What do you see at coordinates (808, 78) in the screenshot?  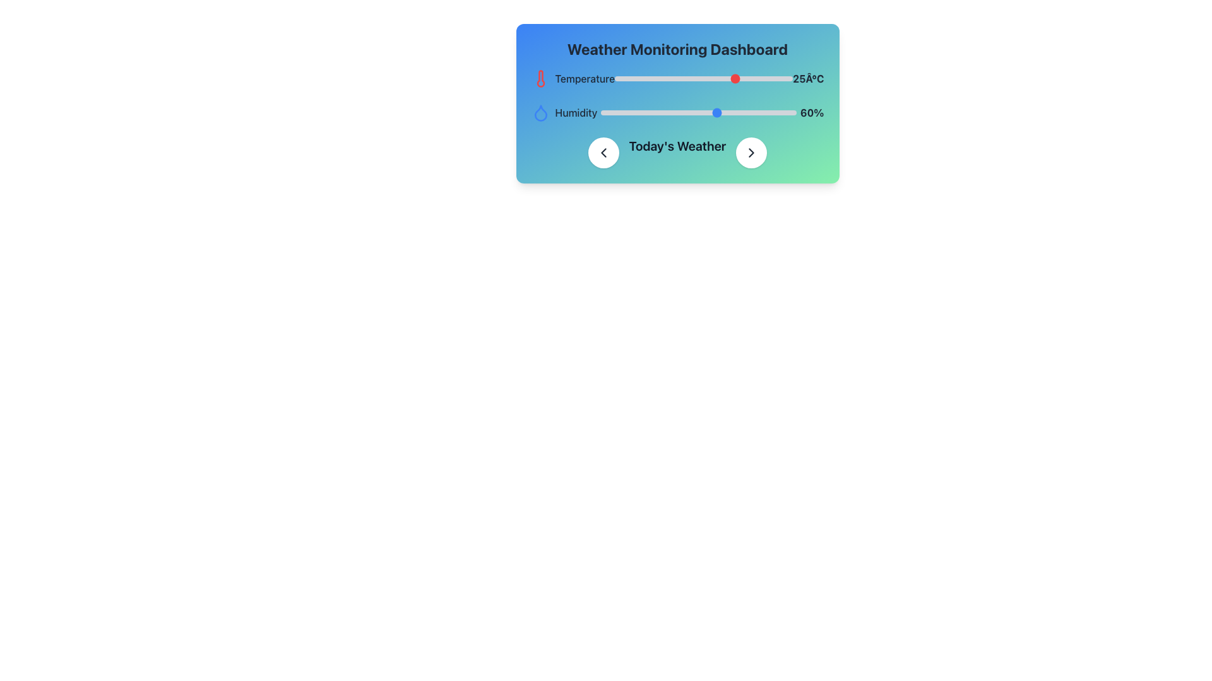 I see `the Text Label displaying '25°C' in bold dark gray font, which is positioned on the far right side of the temperature slider` at bounding box center [808, 78].